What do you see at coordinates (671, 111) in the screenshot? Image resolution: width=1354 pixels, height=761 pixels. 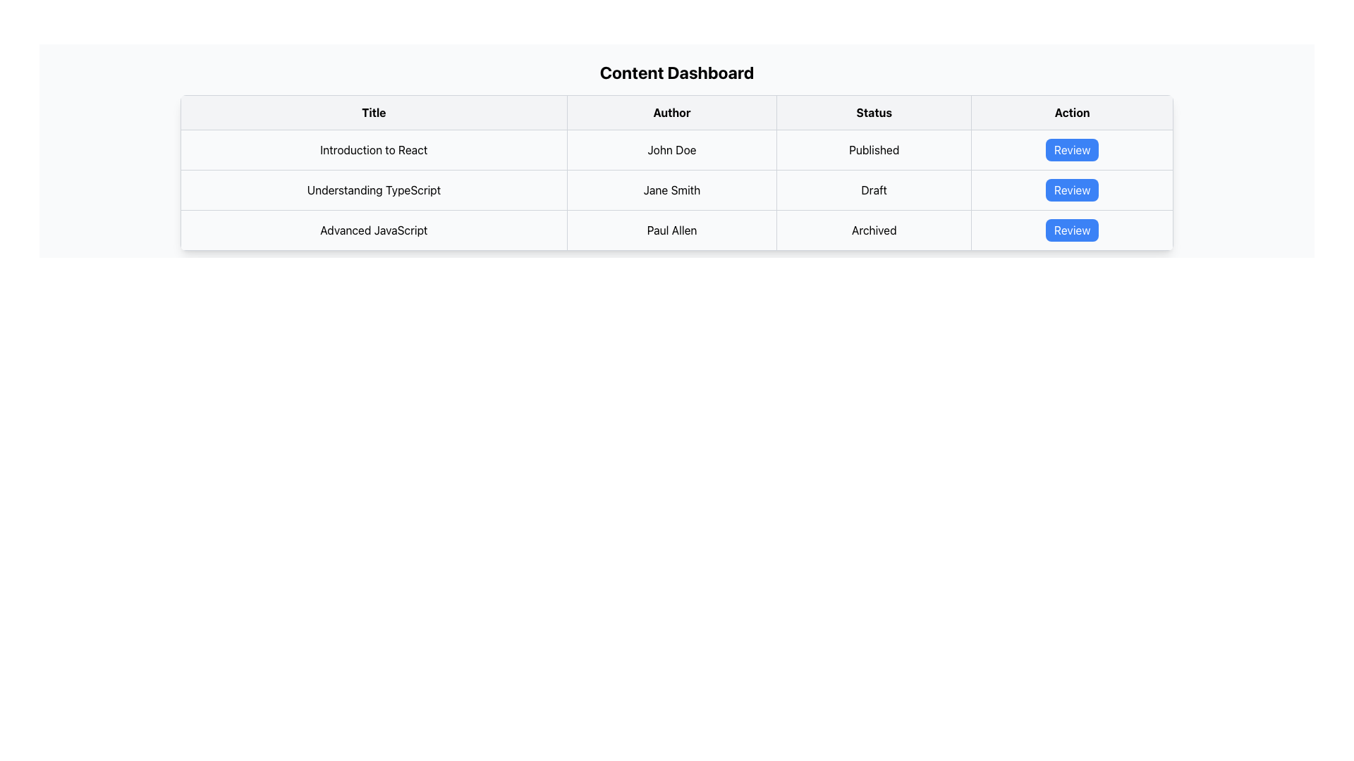 I see `the 'Author' table header cell, which is the second cell from the left in the header row of the table, positioned between the 'Title' and 'Status' header cells` at bounding box center [671, 111].